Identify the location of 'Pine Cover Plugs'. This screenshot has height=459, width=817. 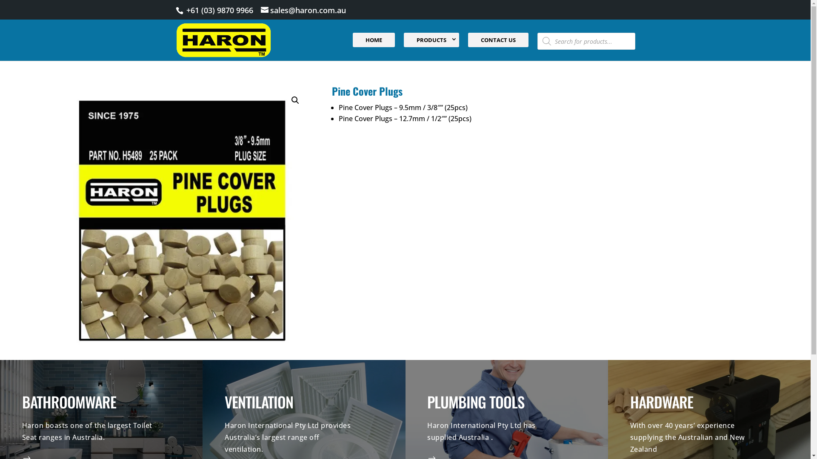
(177, 218).